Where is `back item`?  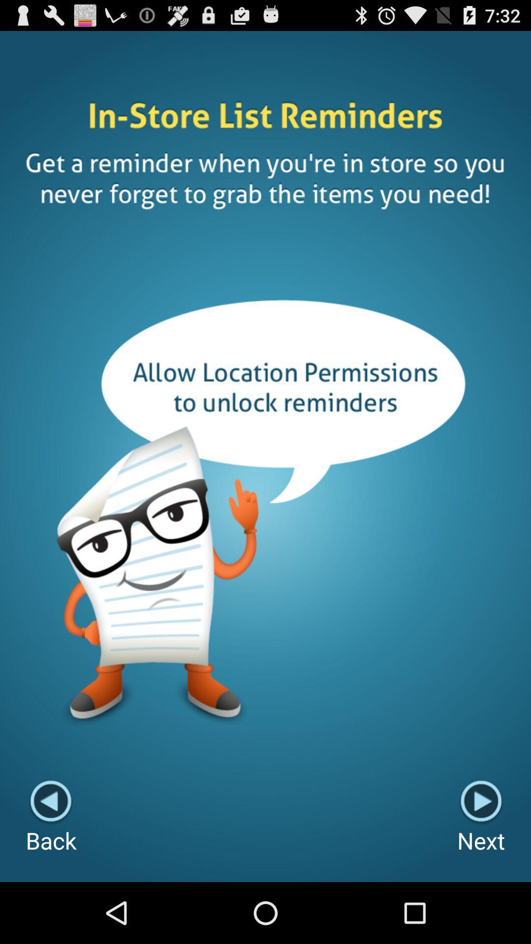 back item is located at coordinates (51, 818).